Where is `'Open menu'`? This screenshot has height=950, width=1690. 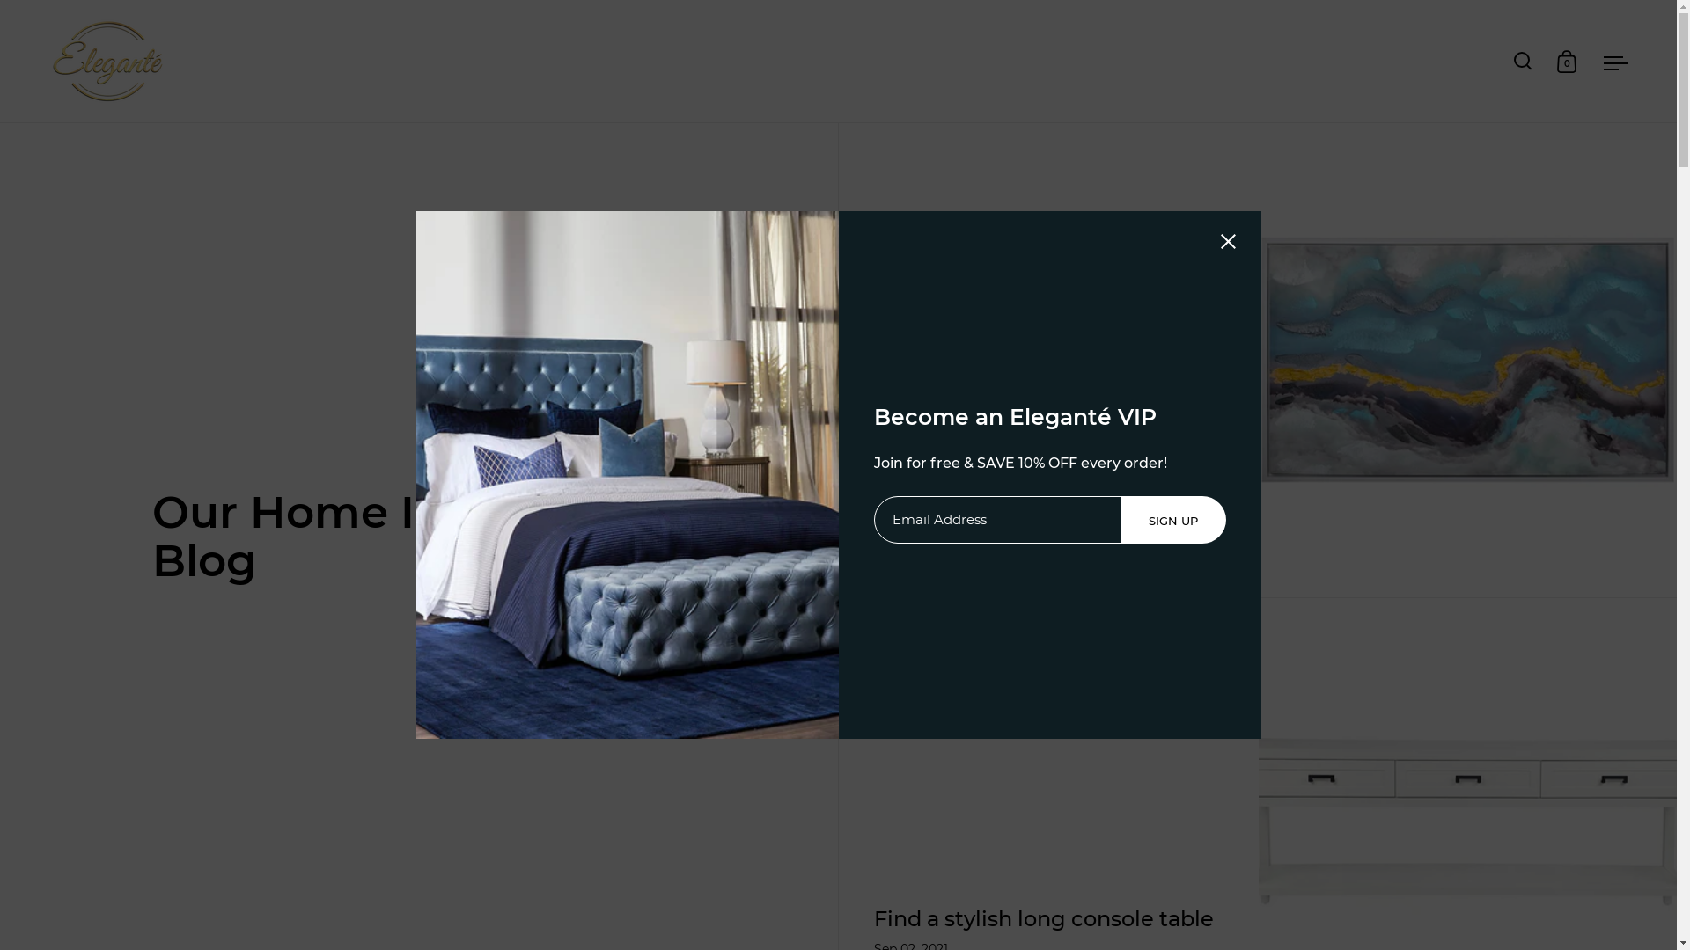
'Open menu' is located at coordinates (1597, 60).